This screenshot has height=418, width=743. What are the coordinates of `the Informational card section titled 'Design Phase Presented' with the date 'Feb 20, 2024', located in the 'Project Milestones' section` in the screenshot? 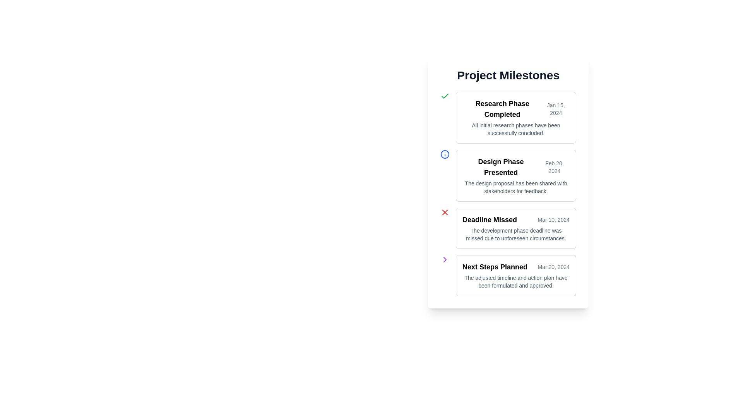 It's located at (516, 167).